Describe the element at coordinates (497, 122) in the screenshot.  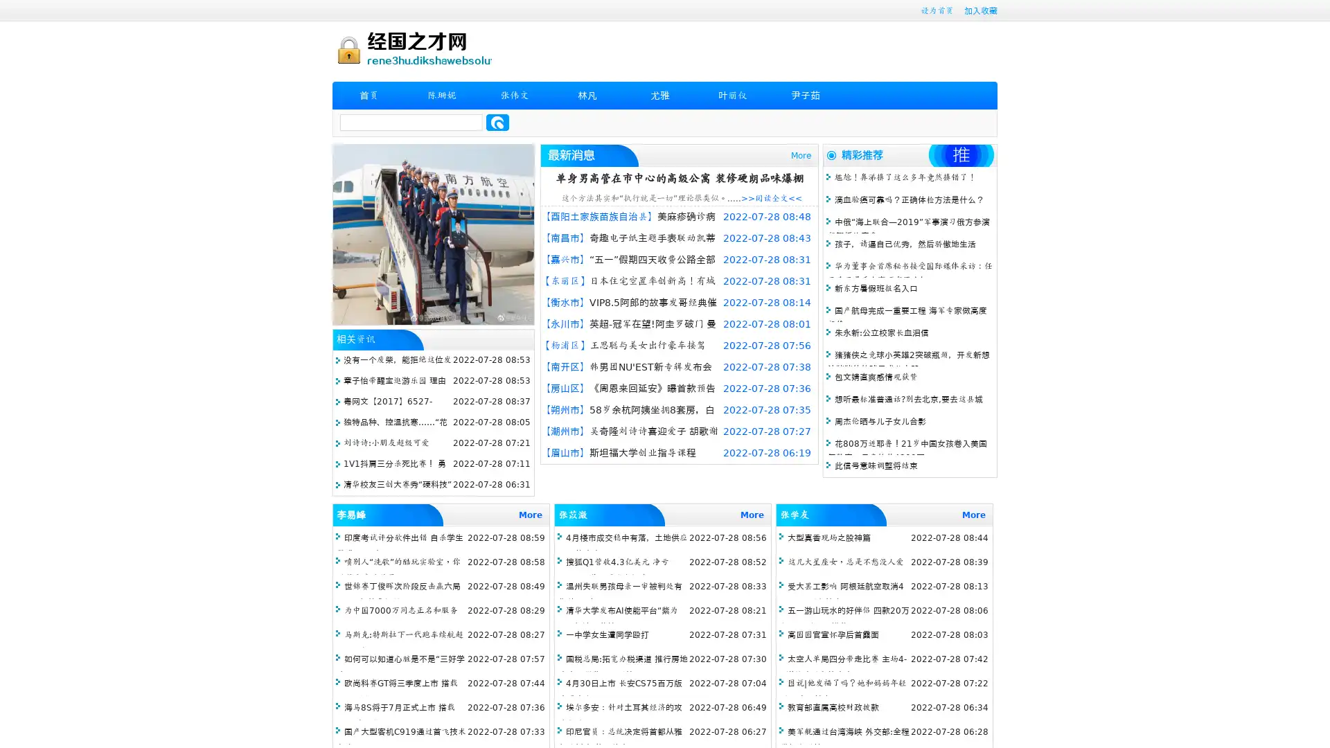
I see `Search` at that location.